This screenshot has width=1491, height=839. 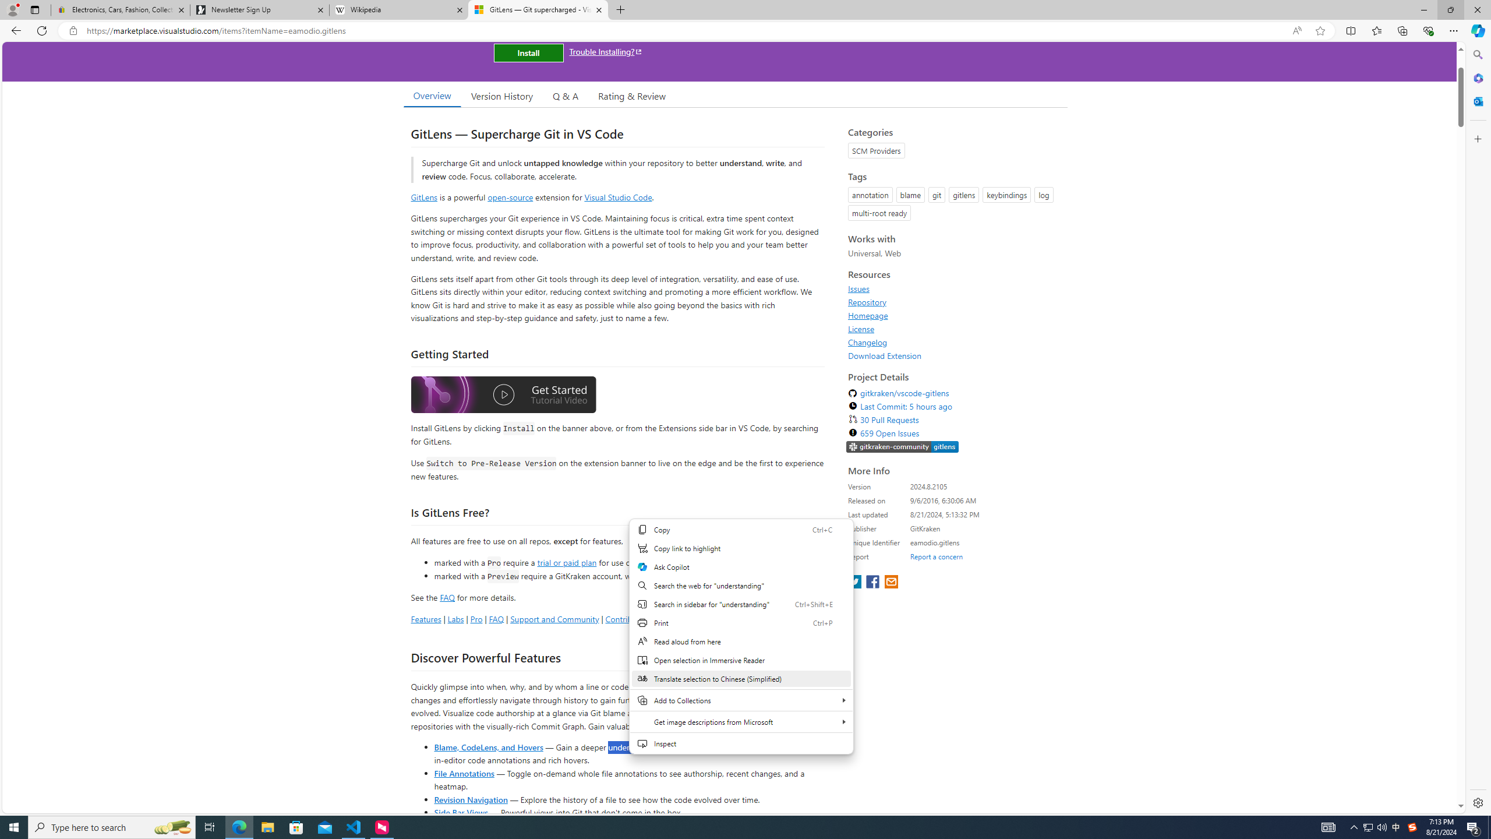 What do you see at coordinates (565, 96) in the screenshot?
I see `'Q & A'` at bounding box center [565, 96].